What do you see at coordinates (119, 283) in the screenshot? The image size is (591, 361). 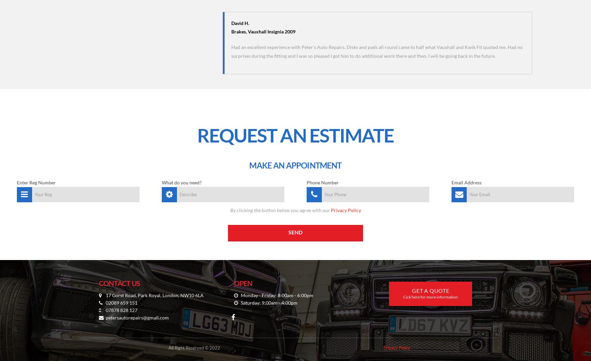 I see `'CONTACT US'` at bounding box center [119, 283].